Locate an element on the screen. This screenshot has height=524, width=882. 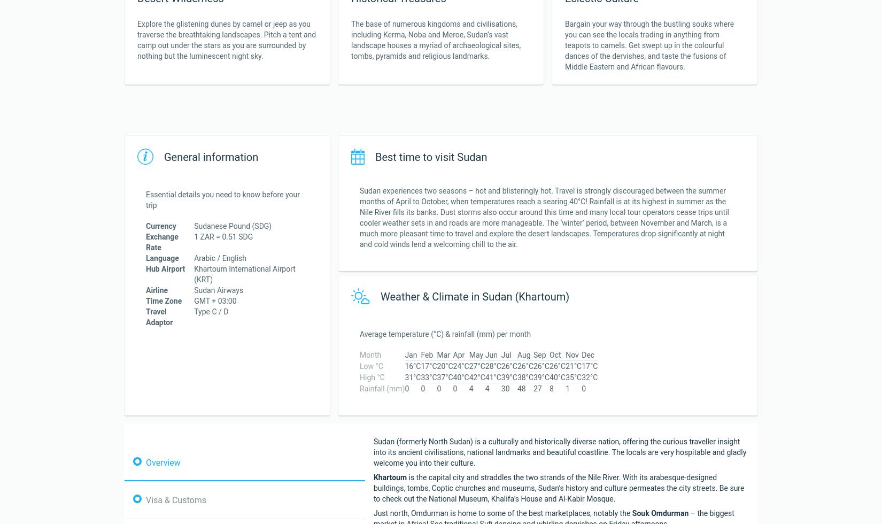
'21°C' is located at coordinates (565, 366).